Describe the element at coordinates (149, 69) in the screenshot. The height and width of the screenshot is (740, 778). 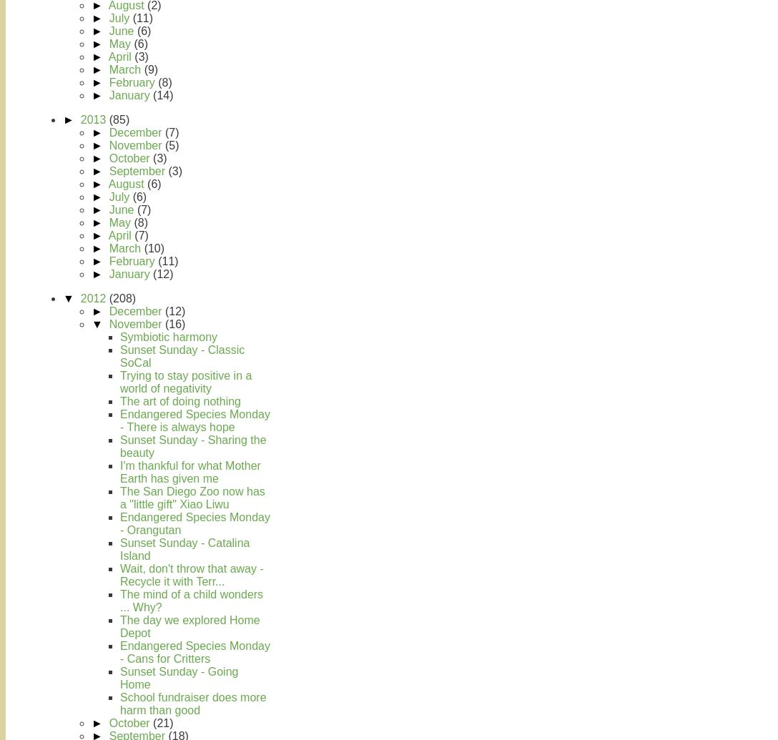
I see `'(9)'` at that location.